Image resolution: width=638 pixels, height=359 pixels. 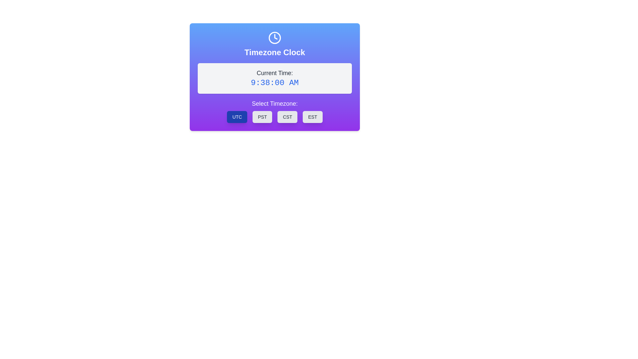 What do you see at coordinates (237, 116) in the screenshot?
I see `the 'UTC' time zone button located directly below the 'Select Timezone' label` at bounding box center [237, 116].